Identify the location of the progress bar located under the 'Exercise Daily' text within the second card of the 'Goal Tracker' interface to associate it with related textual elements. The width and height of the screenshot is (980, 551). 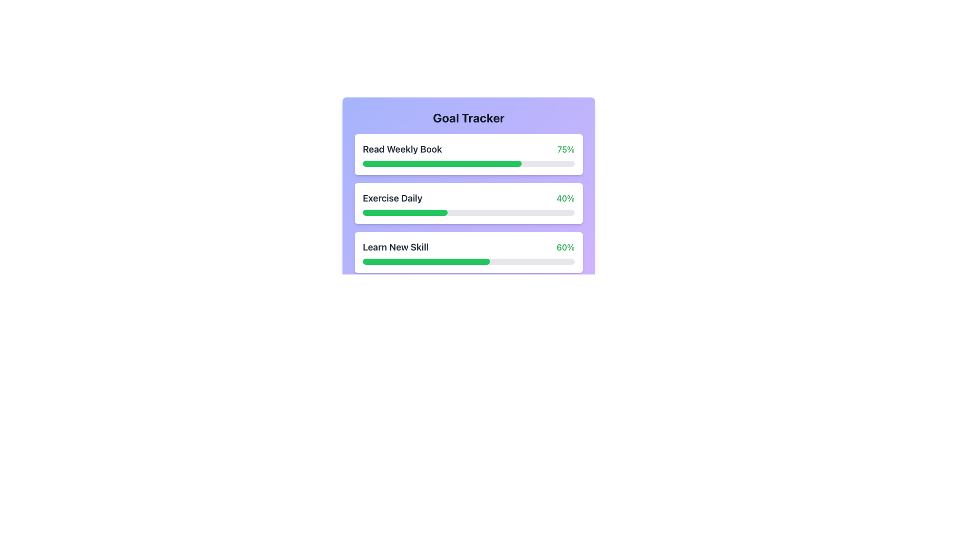
(468, 212).